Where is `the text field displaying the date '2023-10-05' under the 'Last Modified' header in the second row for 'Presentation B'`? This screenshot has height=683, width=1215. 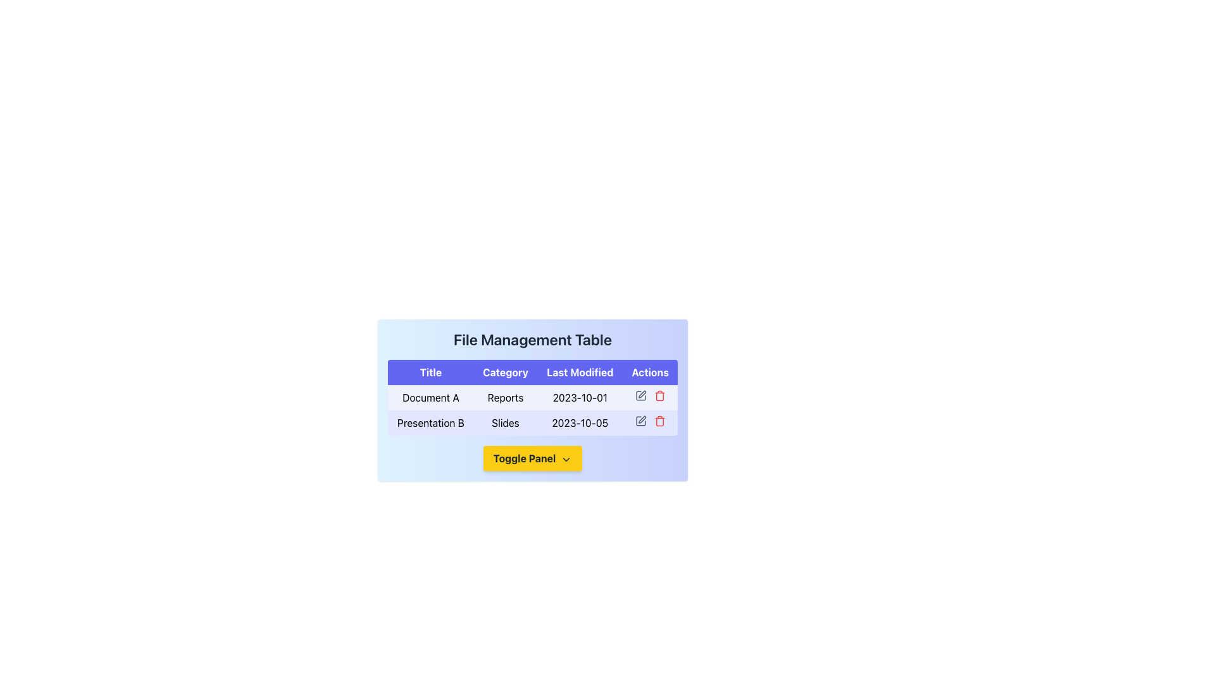 the text field displaying the date '2023-10-05' under the 'Last Modified' header in the second row for 'Presentation B' is located at coordinates (579, 422).